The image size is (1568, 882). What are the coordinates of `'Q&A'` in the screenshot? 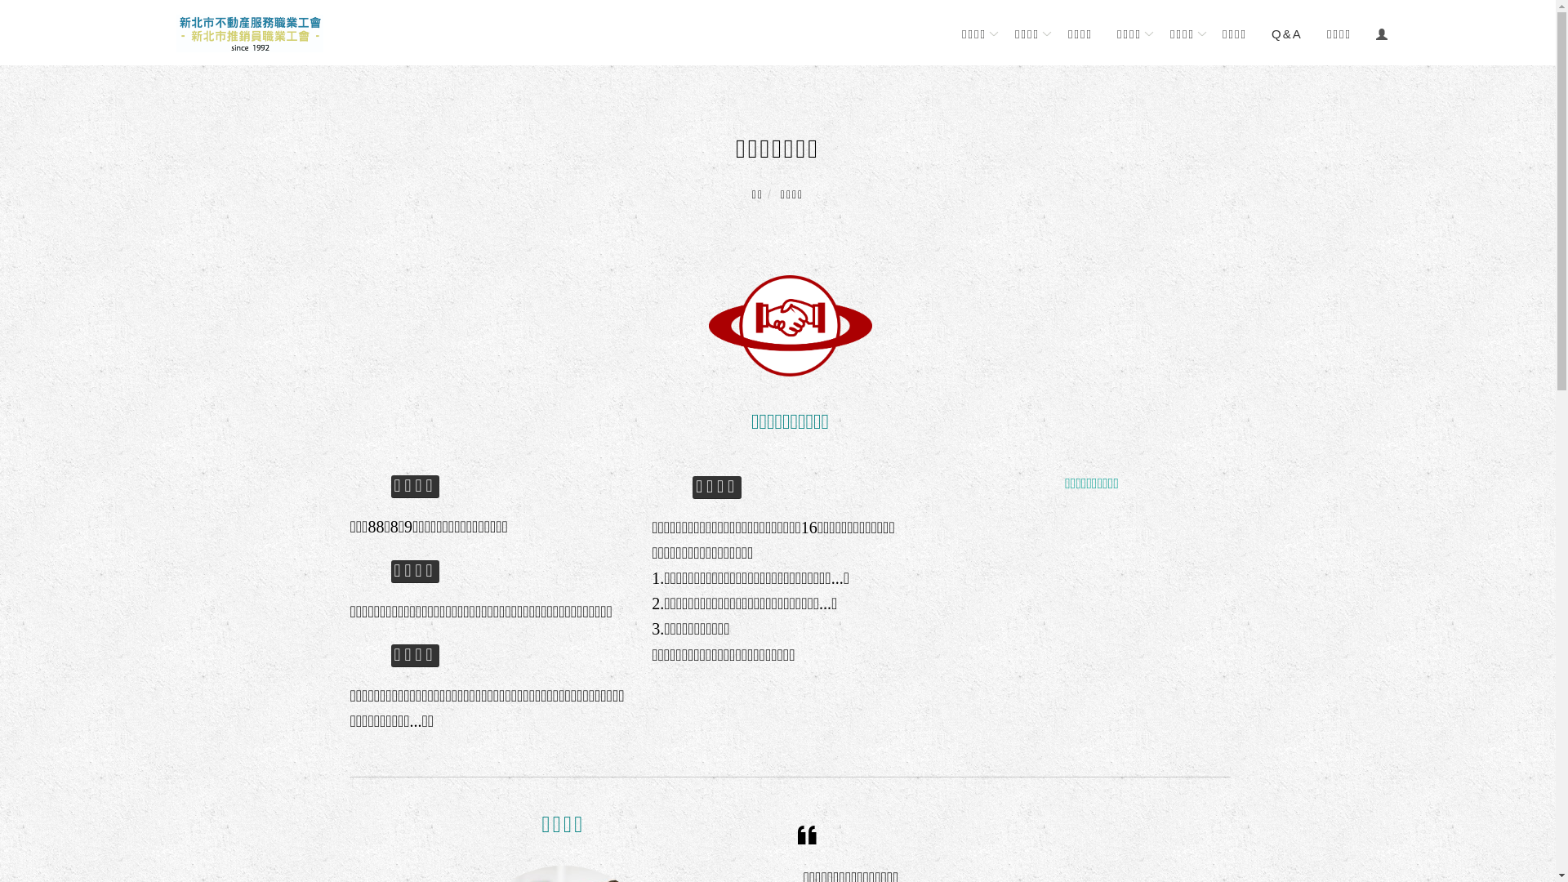 It's located at (1285, 32).